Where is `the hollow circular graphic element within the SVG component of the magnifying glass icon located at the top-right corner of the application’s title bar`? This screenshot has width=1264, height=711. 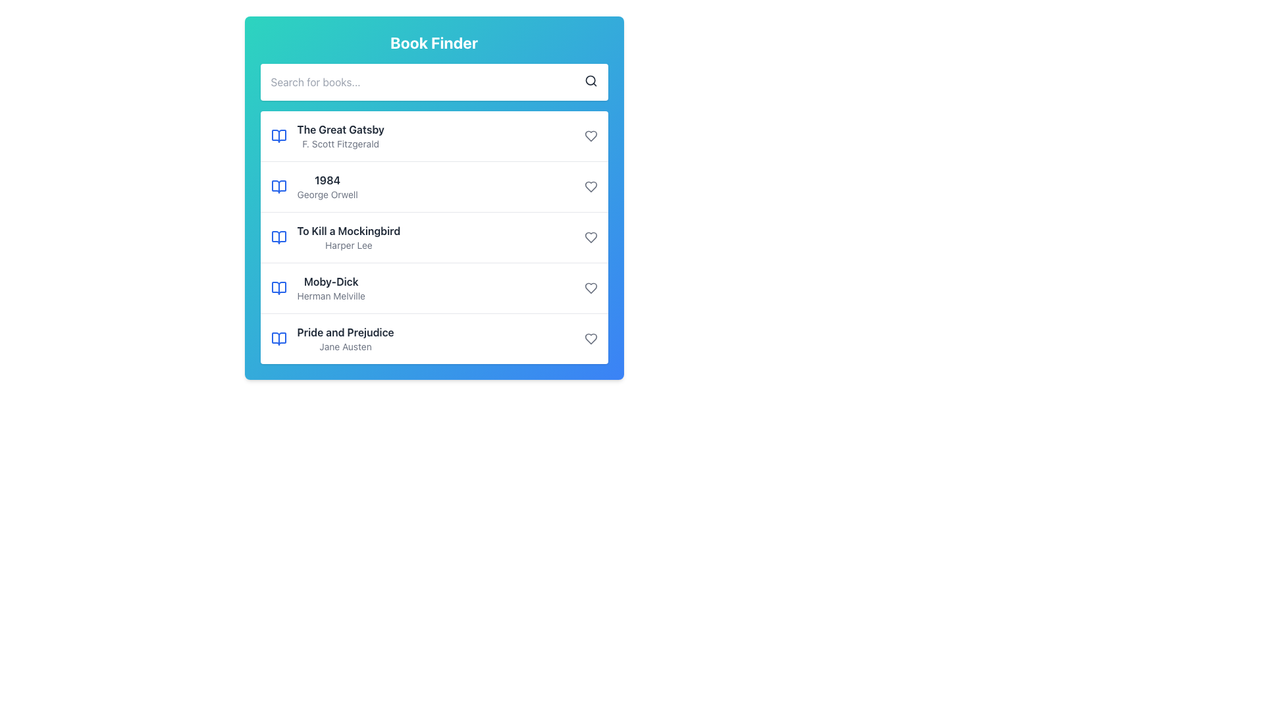 the hollow circular graphic element within the SVG component of the magnifying glass icon located at the top-right corner of the application’s title bar is located at coordinates (589, 80).